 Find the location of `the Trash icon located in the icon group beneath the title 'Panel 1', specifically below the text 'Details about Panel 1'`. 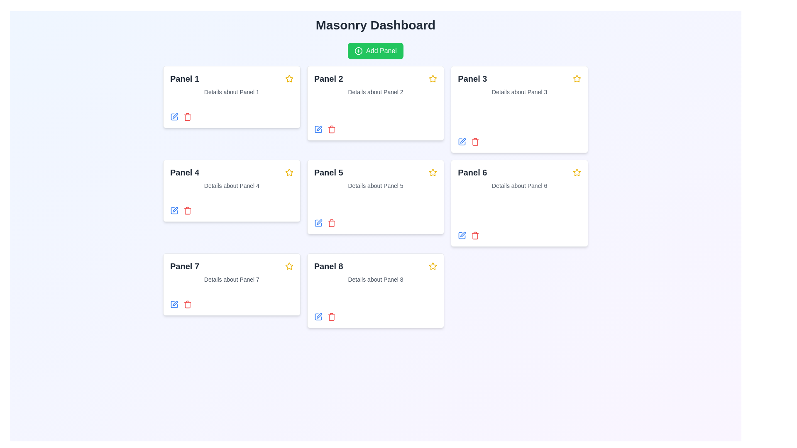

the Trash icon located in the icon group beneath the title 'Panel 1', specifically below the text 'Details about Panel 1' is located at coordinates (187, 117).